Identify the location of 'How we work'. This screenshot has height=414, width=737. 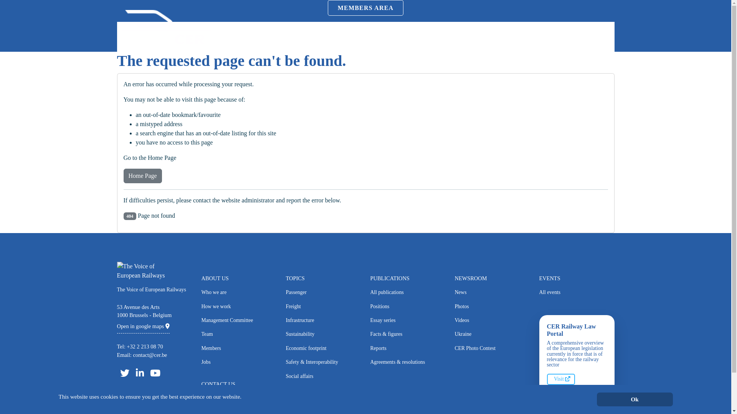
(238, 306).